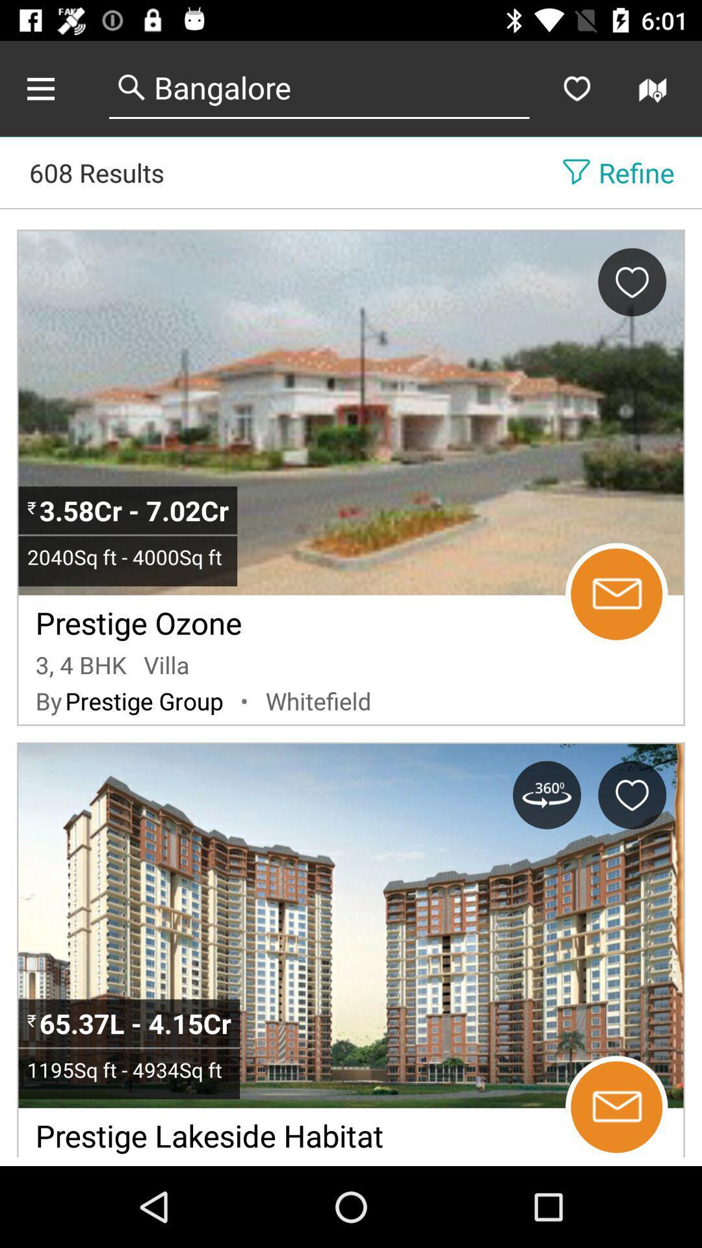  I want to click on buscar una vivienda, so click(655, 88).